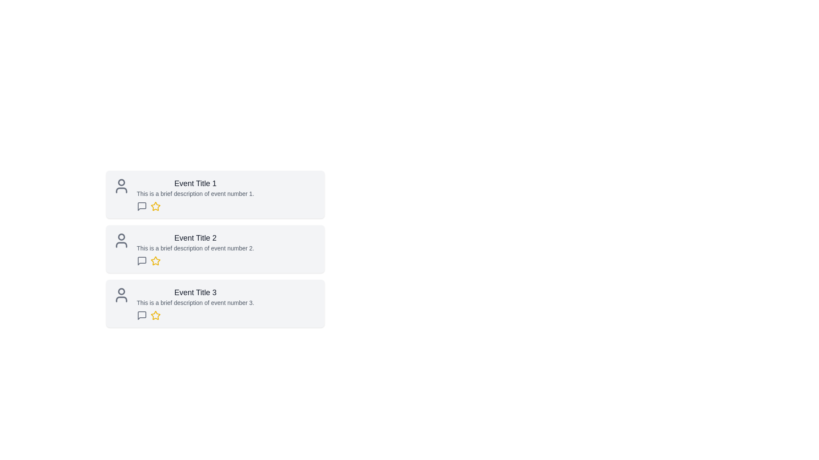 Image resolution: width=819 pixels, height=460 pixels. Describe the element at coordinates (155, 260) in the screenshot. I see `the star-shaped icon with a yellow fill in the bottom-right corner of the second card from the top` at that location.